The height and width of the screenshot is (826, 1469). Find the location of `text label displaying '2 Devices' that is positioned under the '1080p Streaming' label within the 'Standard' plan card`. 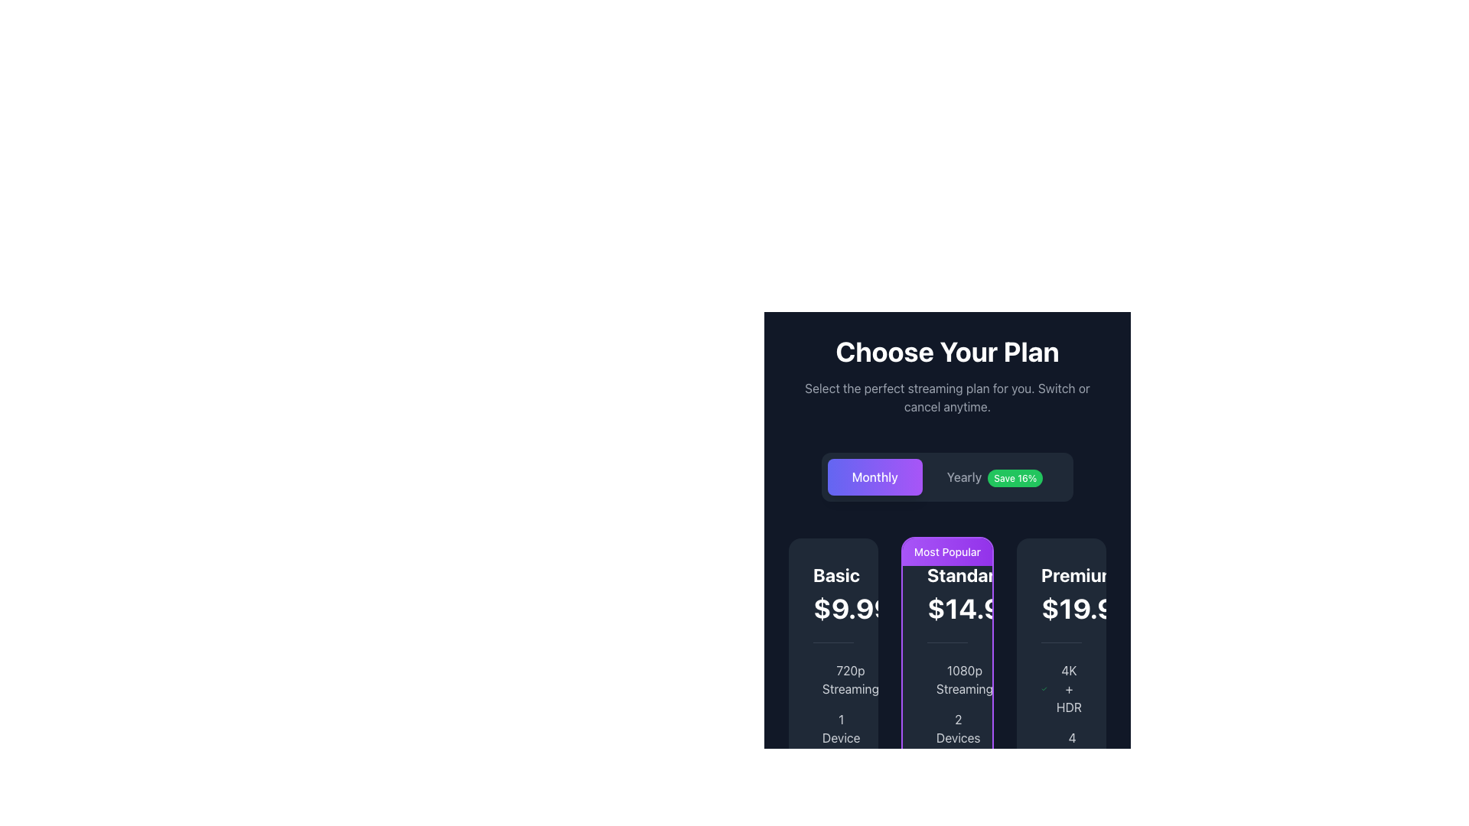

text label displaying '2 Devices' that is positioned under the '1080p Streaming' label within the 'Standard' plan card is located at coordinates (946, 727).